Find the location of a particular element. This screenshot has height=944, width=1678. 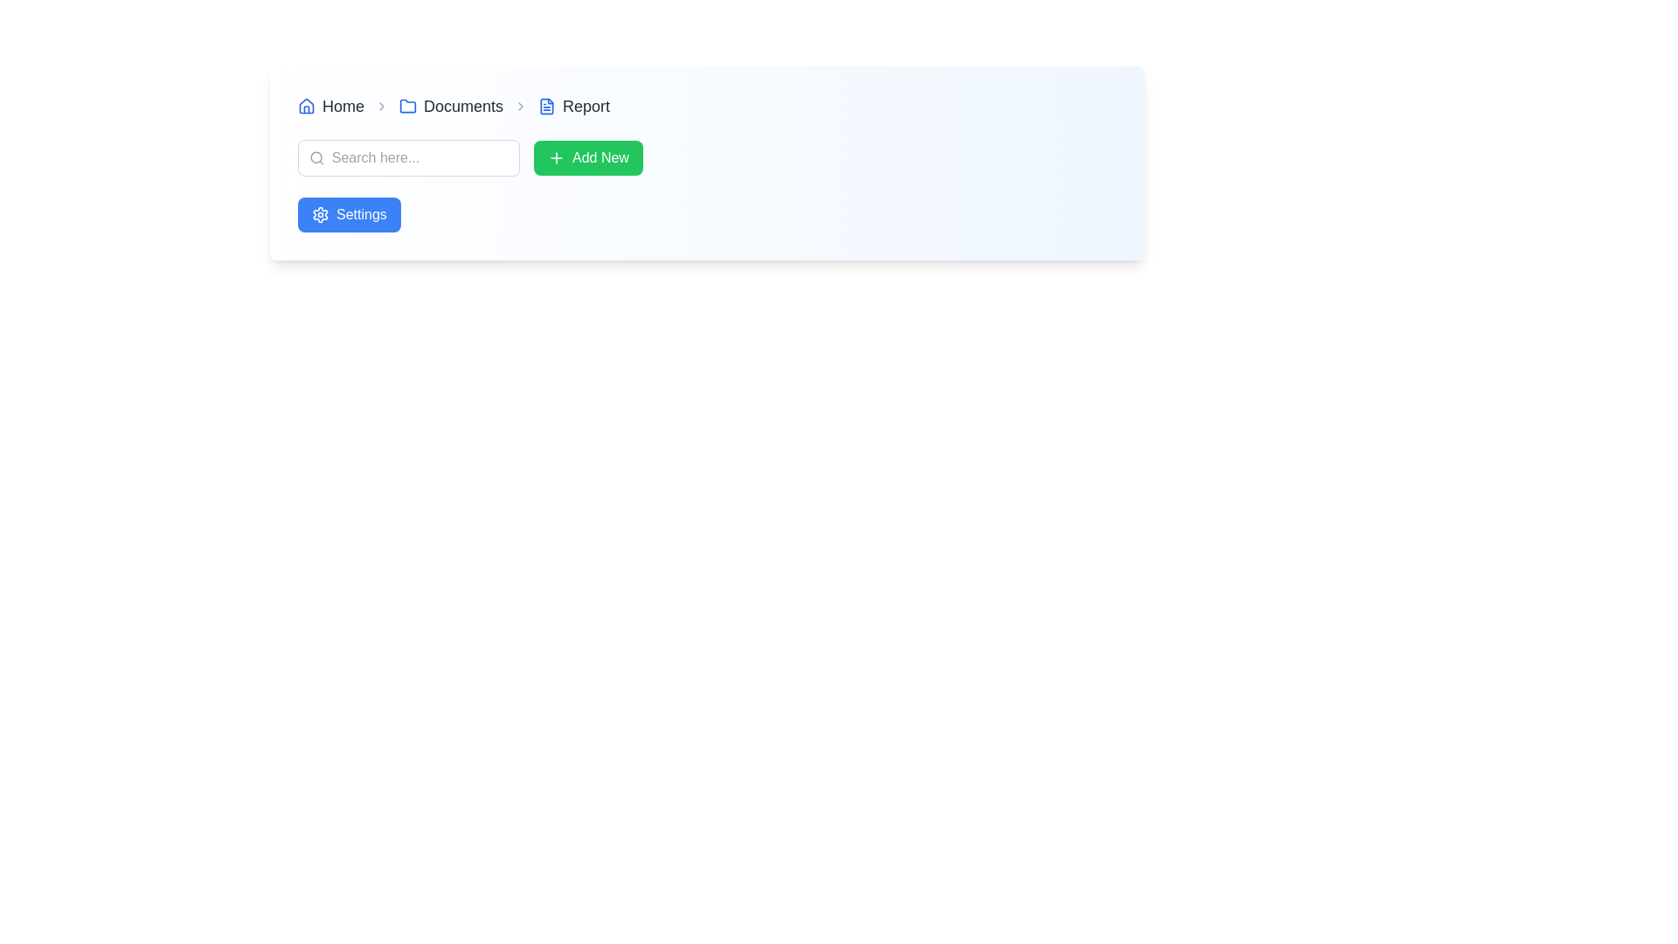

the 'Home' icon, which is the first element in the breadcrumb navigation bar located at the top-left of the UI is located at coordinates (306, 105).